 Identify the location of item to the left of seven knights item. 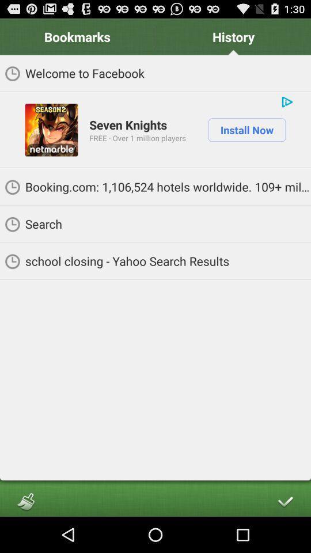
(51, 130).